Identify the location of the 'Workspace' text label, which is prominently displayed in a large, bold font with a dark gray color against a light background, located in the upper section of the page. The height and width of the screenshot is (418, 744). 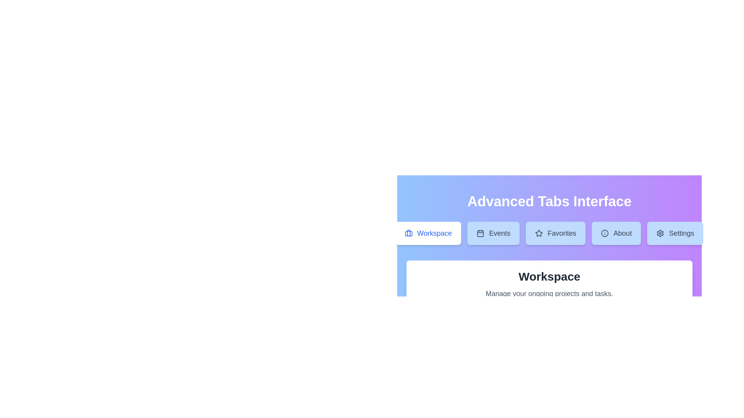
(549, 276).